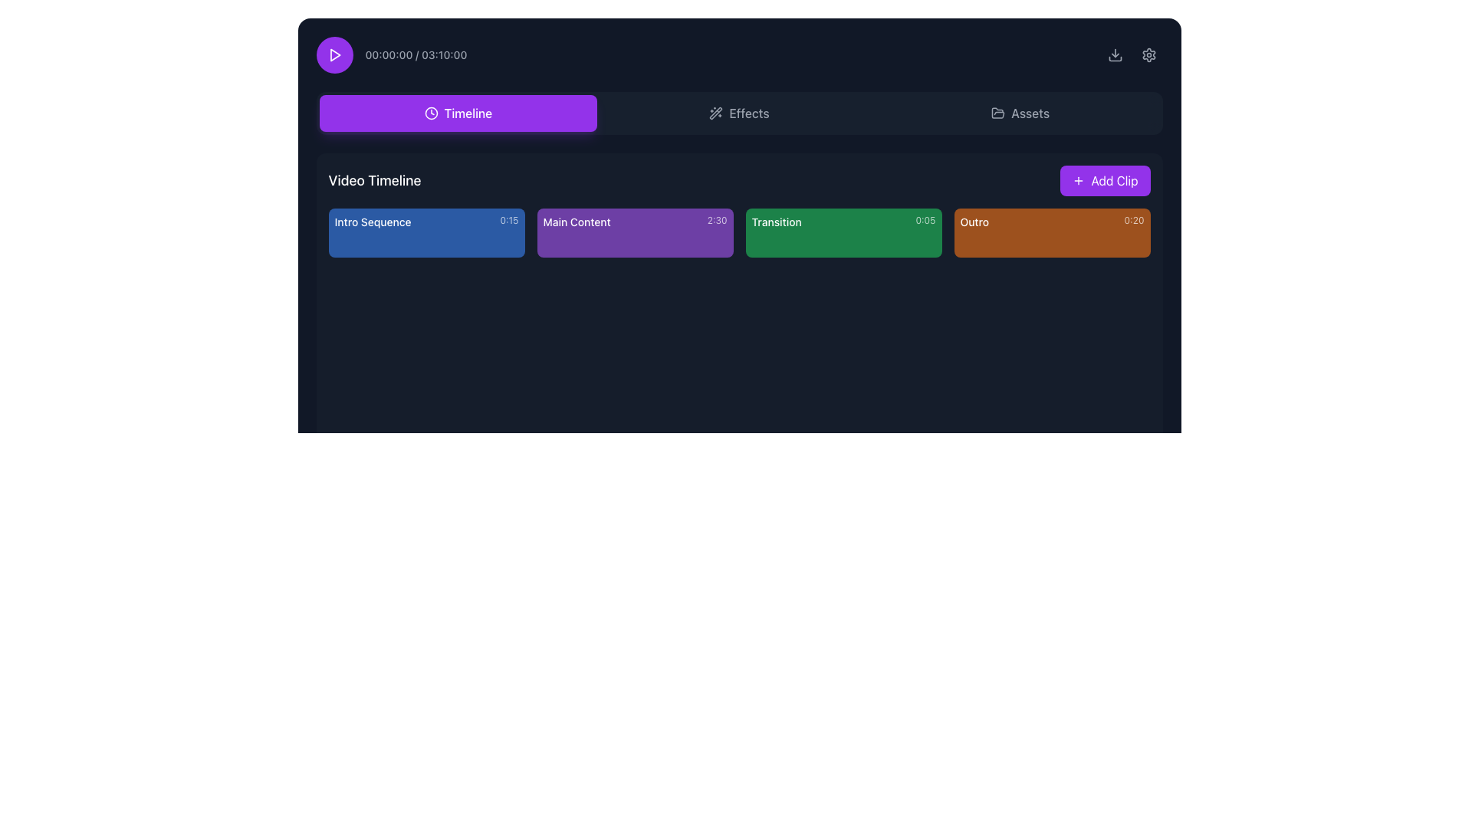  I want to click on the plus sign icon within the 'Add Clip' button located in the top-right part of the main content area, so click(1078, 179).